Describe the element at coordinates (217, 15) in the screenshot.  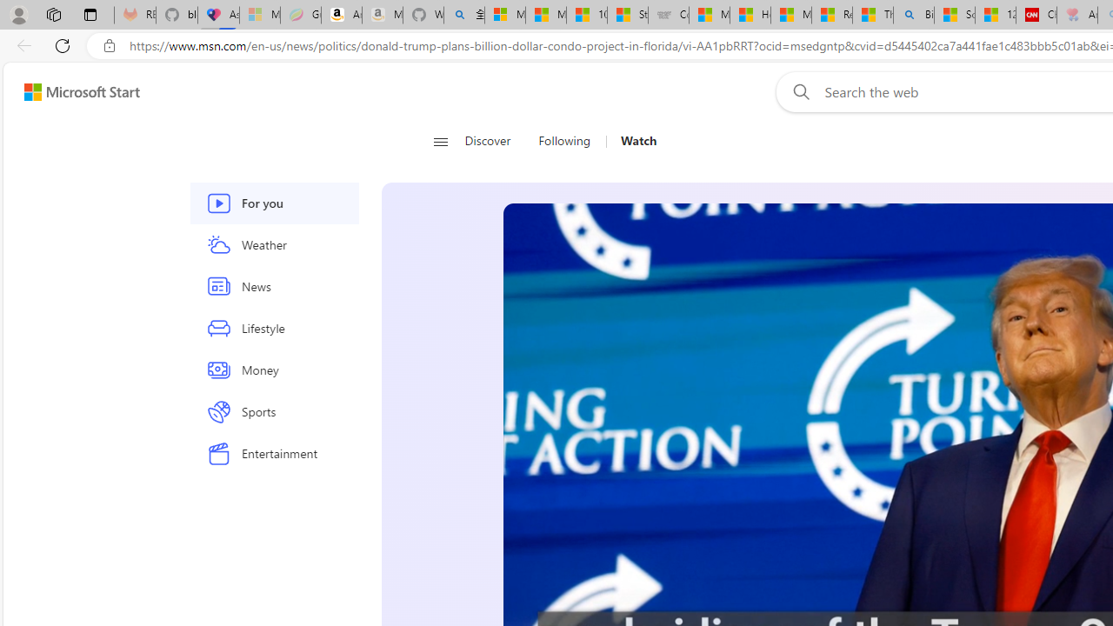
I see `'Asthma Inhalers: Names and Types'` at that location.